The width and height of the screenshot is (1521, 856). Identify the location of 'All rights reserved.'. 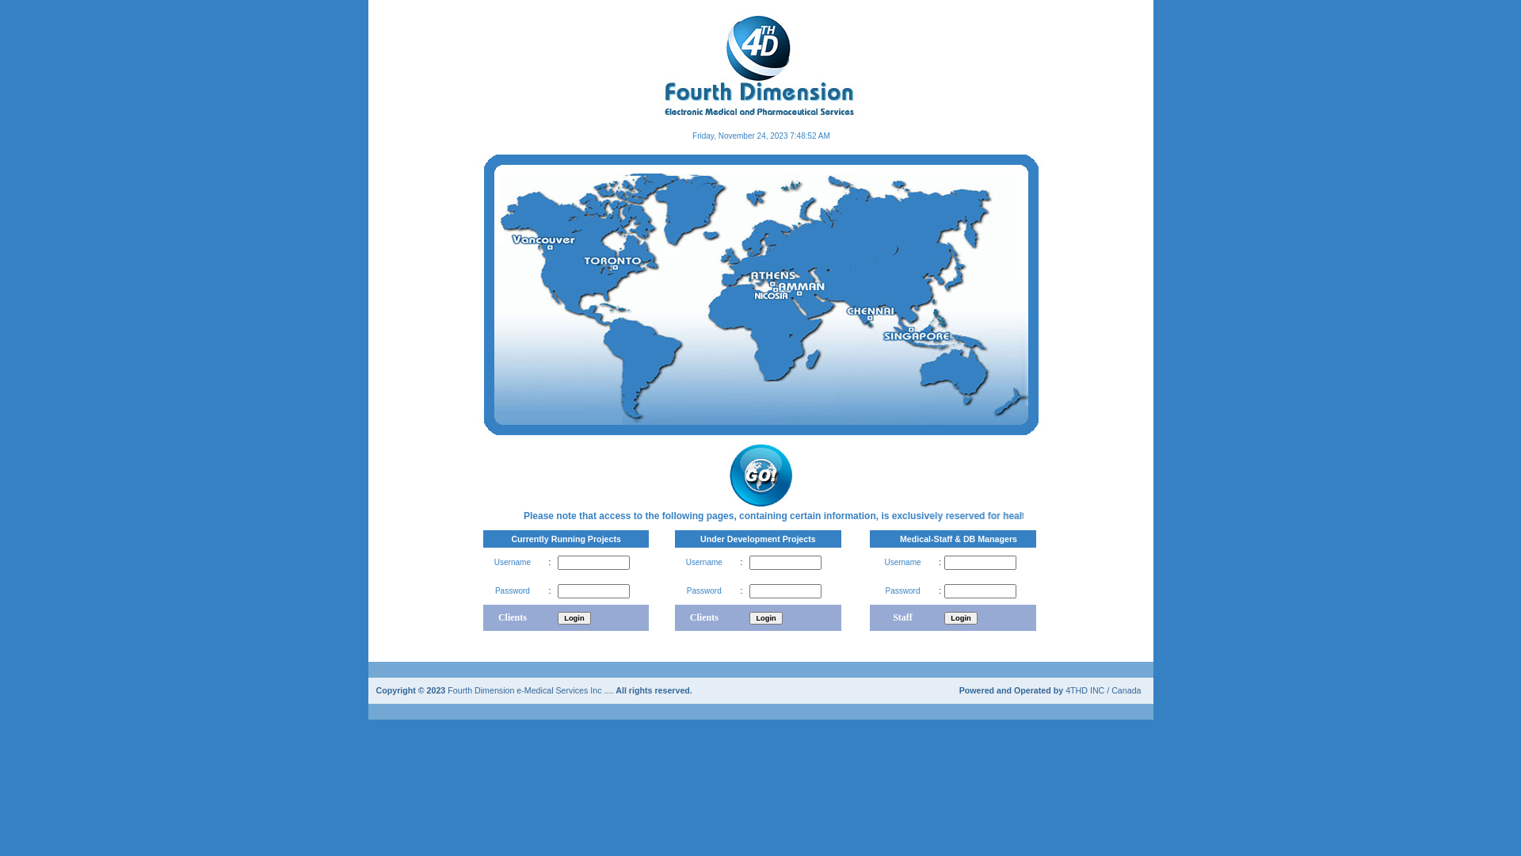
(654, 688).